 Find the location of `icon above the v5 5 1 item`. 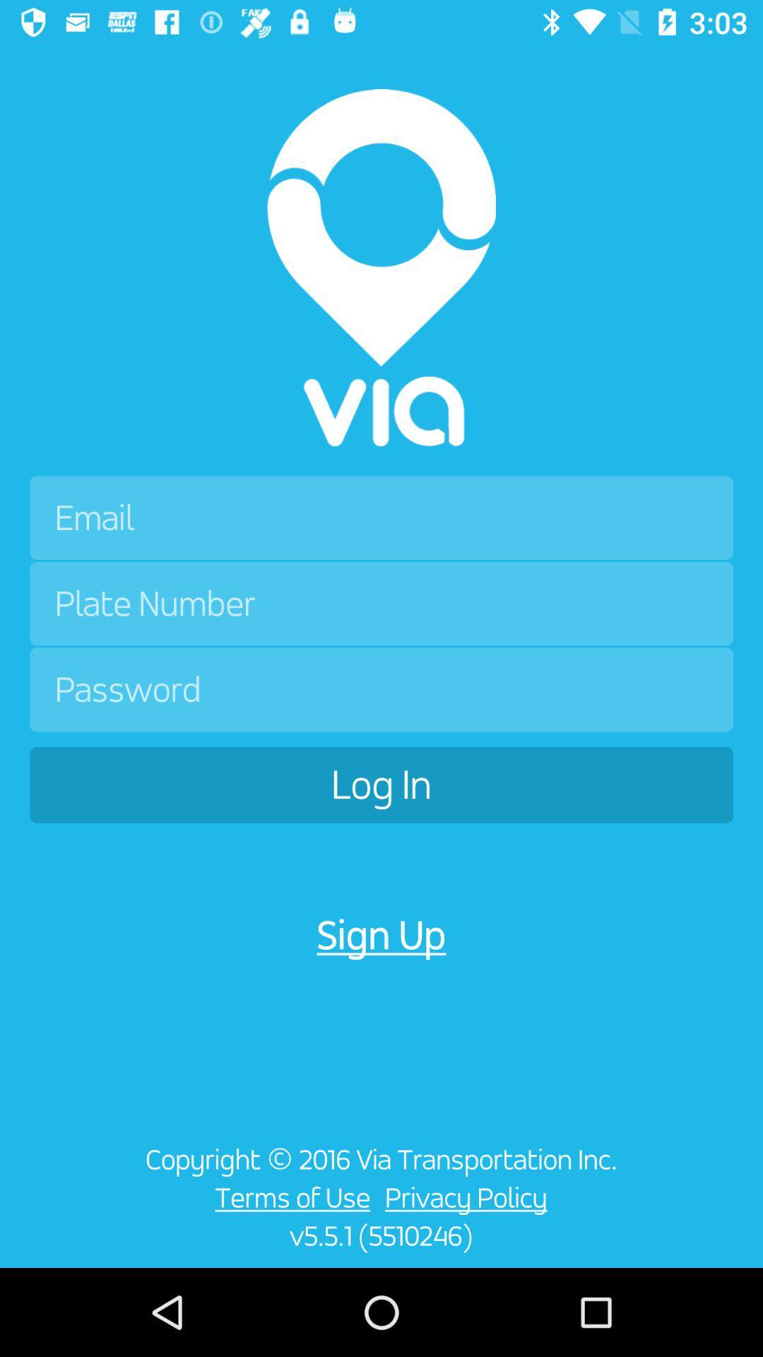

icon above the v5 5 1 item is located at coordinates (288, 1197).